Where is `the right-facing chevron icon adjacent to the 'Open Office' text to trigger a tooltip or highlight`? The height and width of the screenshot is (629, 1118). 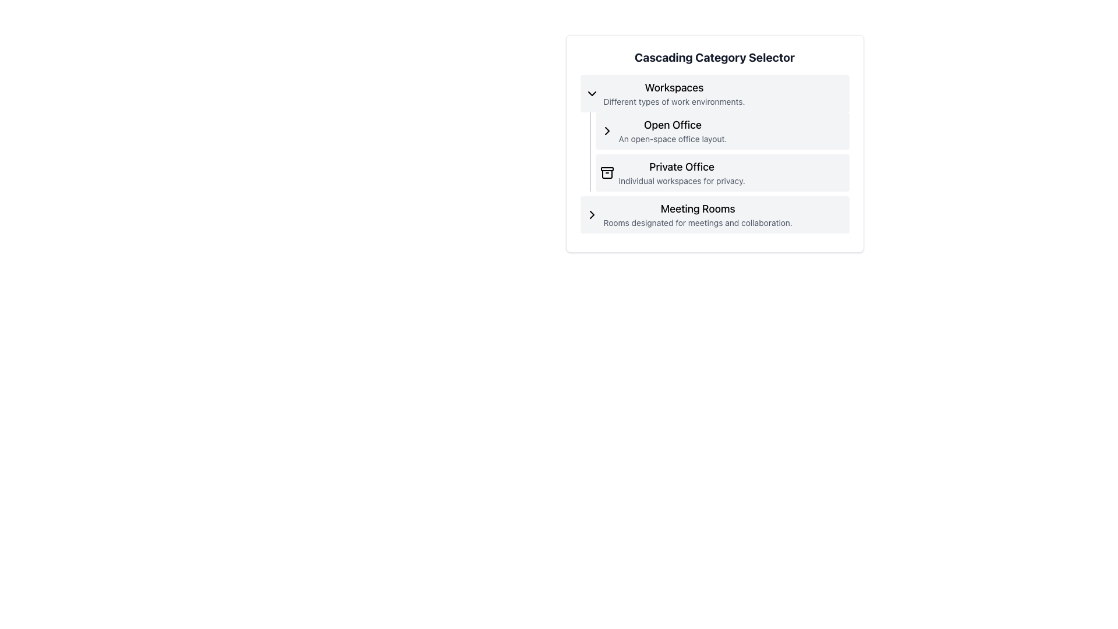
the right-facing chevron icon adjacent to the 'Open Office' text to trigger a tooltip or highlight is located at coordinates (606, 130).